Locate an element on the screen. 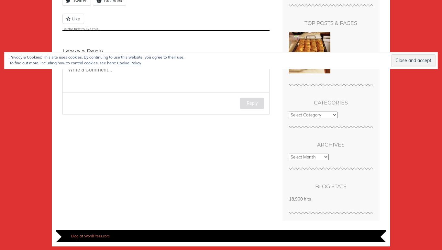  'Reply' is located at coordinates (252, 103).